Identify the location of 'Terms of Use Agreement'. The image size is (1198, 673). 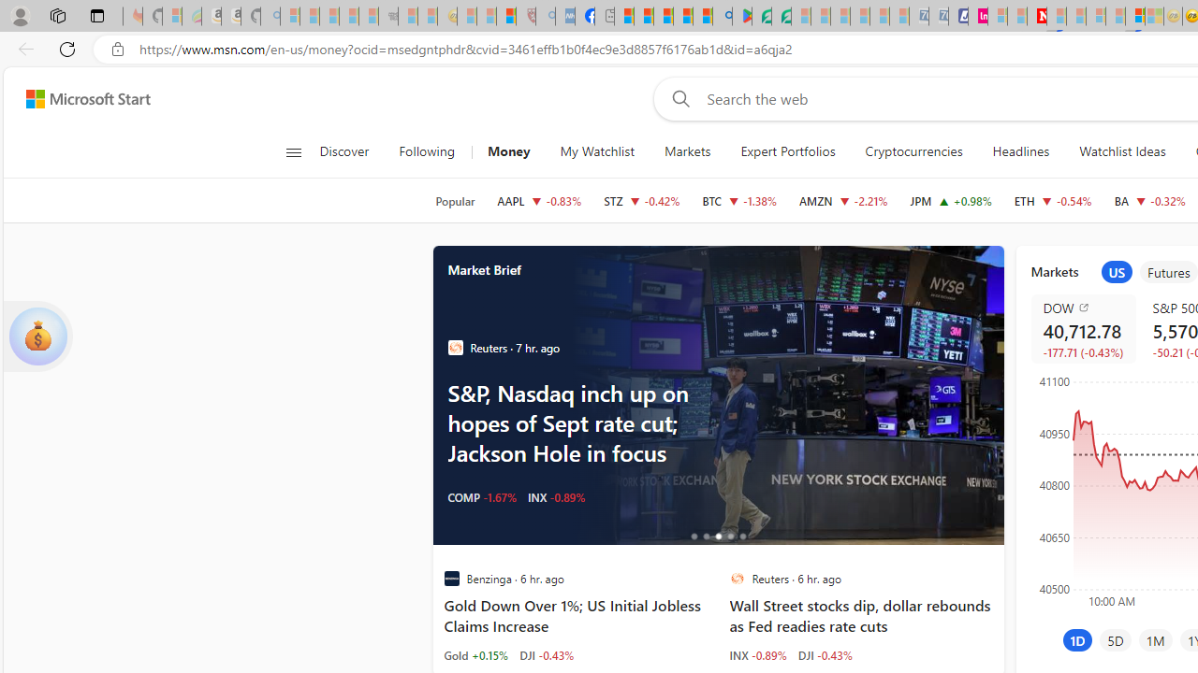
(762, 16).